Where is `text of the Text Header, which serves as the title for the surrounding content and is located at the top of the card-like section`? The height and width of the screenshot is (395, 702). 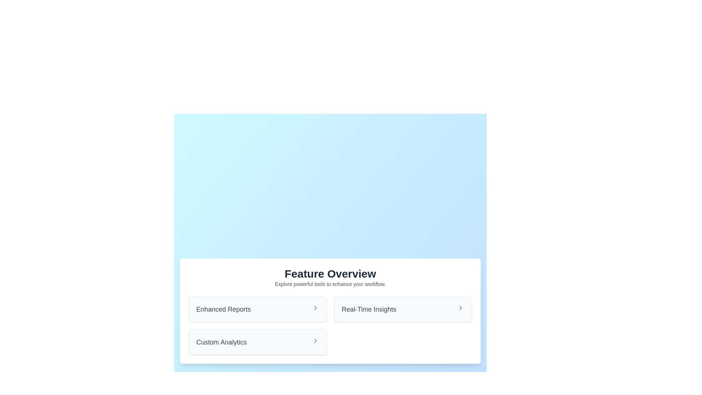 text of the Text Header, which serves as the title for the surrounding content and is located at the top of the card-like section is located at coordinates (330, 274).